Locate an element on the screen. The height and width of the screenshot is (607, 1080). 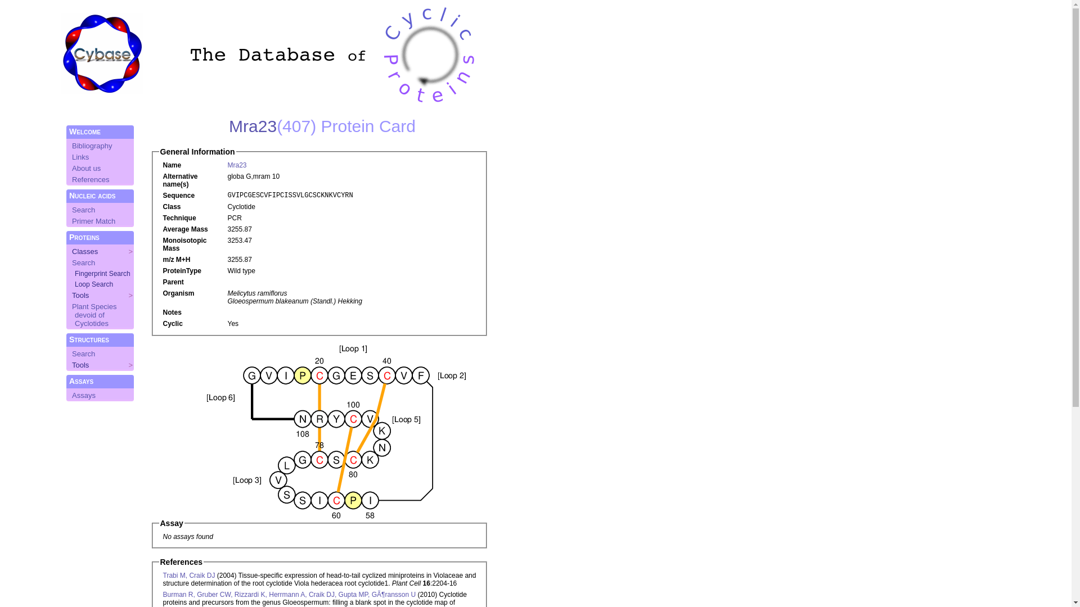
'Mra23' is located at coordinates (226, 165).